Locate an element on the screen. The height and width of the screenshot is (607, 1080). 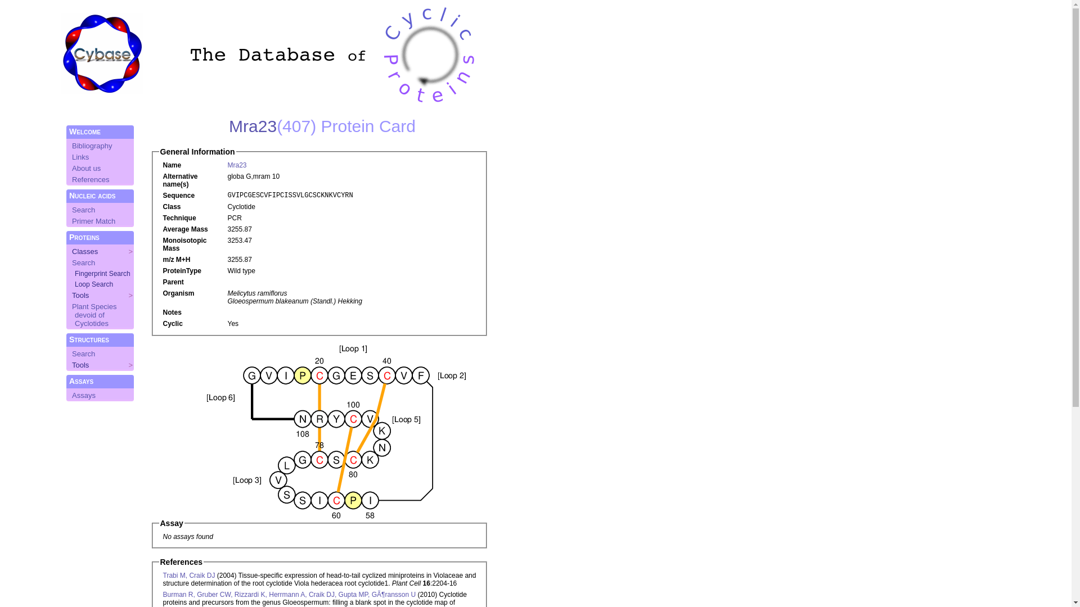
'Mra23' is located at coordinates (226, 165).